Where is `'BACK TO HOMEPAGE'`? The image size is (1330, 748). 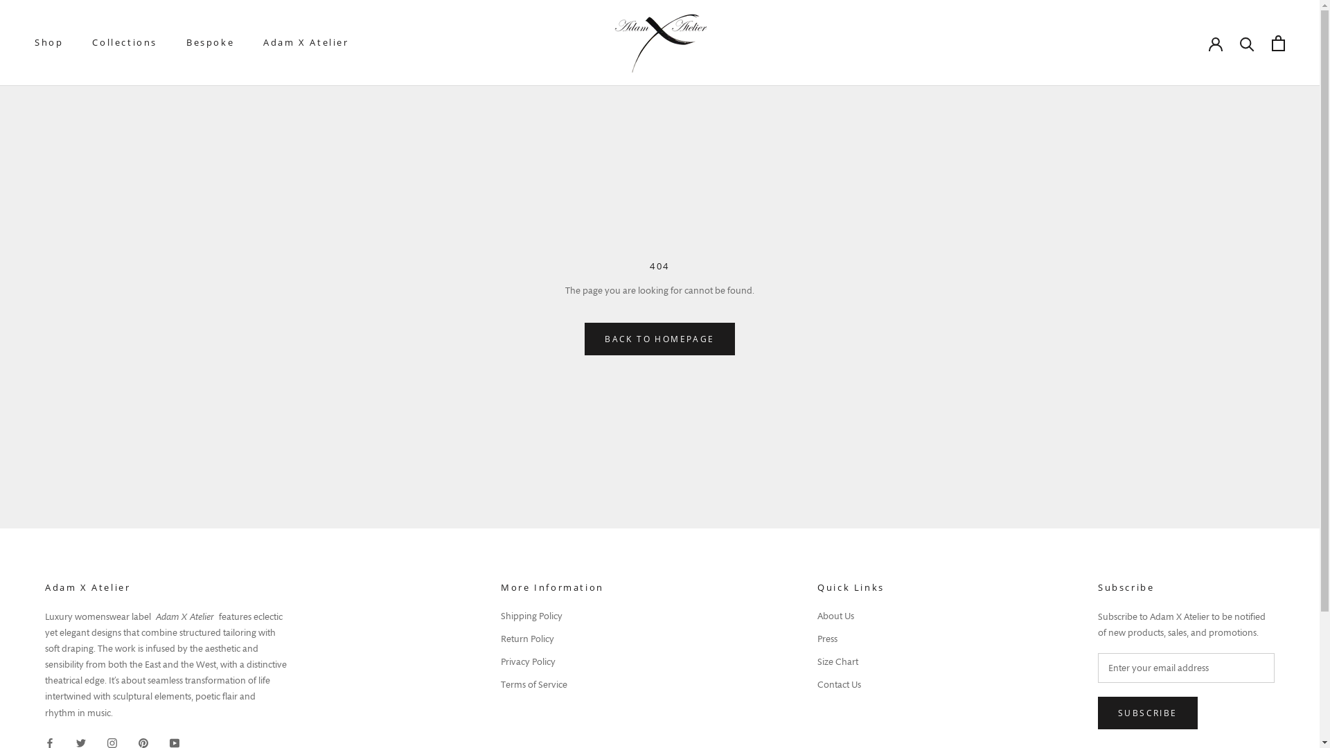
'BACK TO HOMEPAGE' is located at coordinates (658, 339).